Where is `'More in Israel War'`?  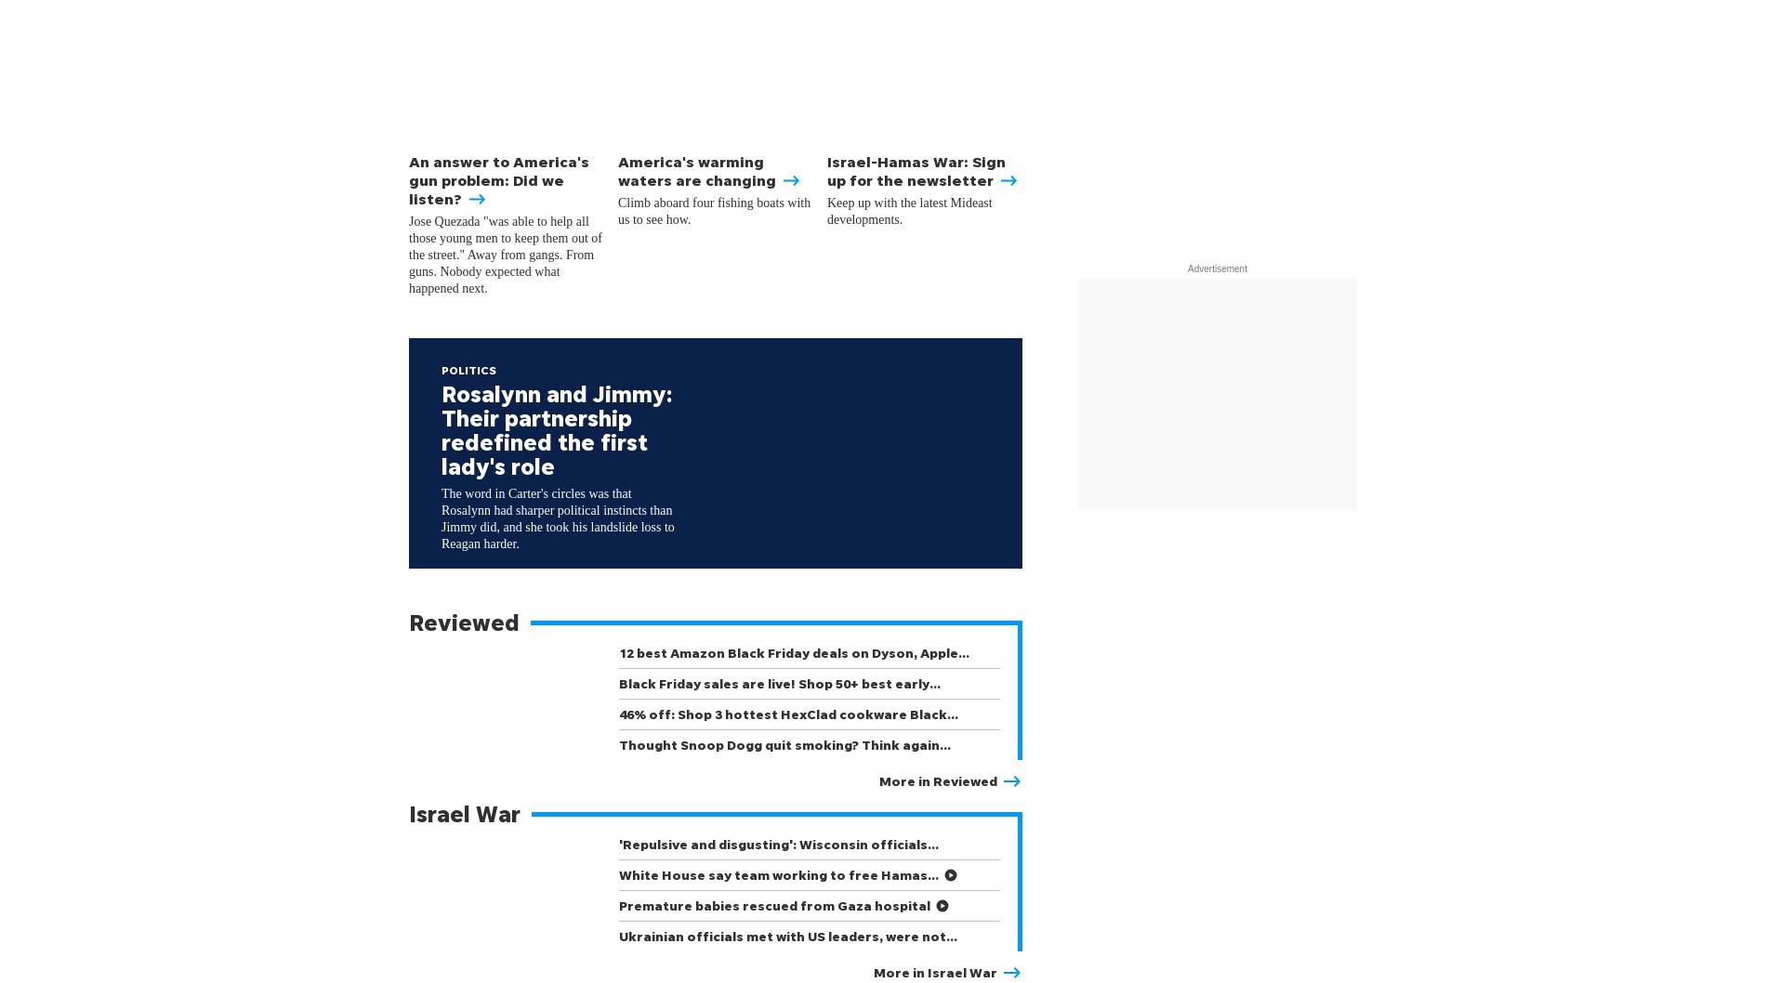 'More in Israel War' is located at coordinates (935, 971).